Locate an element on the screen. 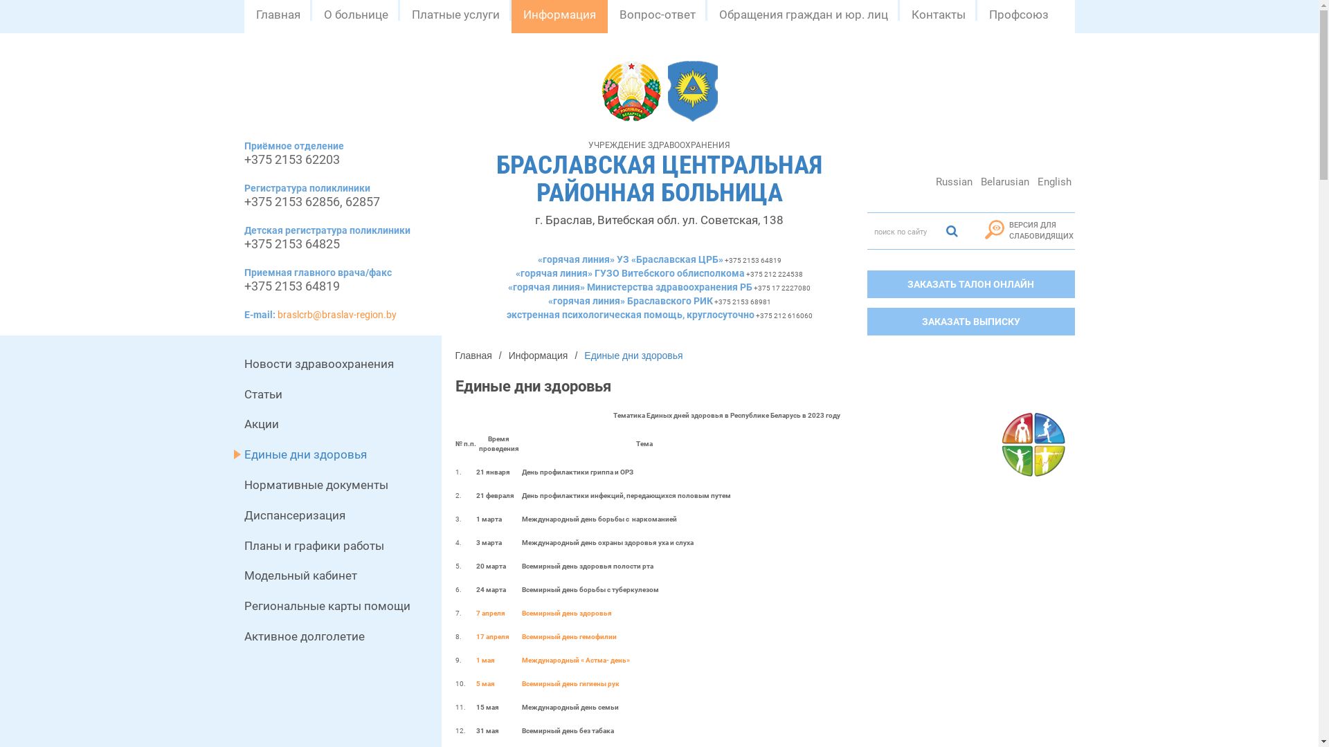 Image resolution: width=1329 pixels, height=747 pixels. 'Belarusian' is located at coordinates (1005, 181).